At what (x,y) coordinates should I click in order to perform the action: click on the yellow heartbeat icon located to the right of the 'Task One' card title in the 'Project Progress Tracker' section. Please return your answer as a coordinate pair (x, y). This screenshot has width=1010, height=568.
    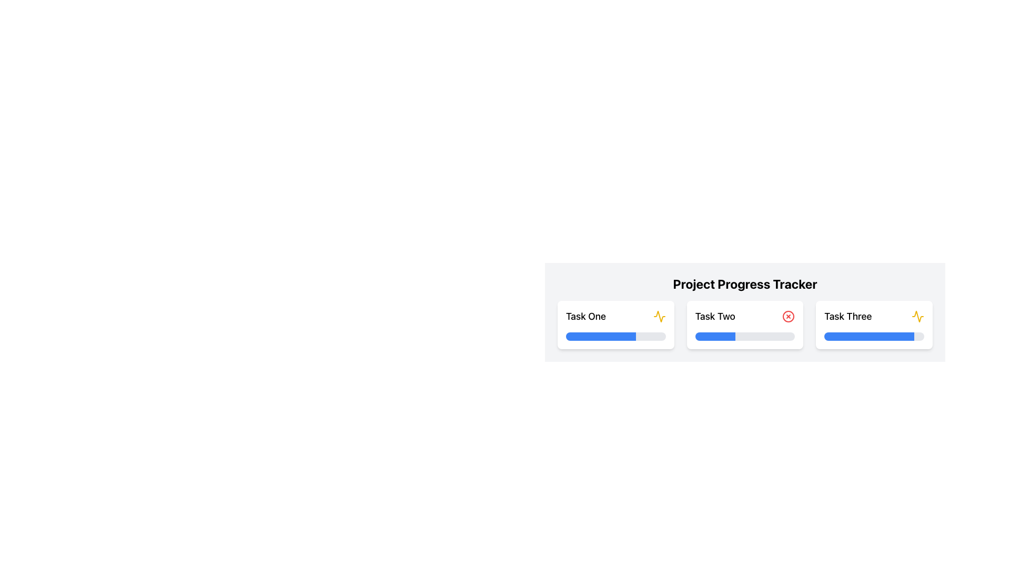
    Looking at the image, I should click on (917, 316).